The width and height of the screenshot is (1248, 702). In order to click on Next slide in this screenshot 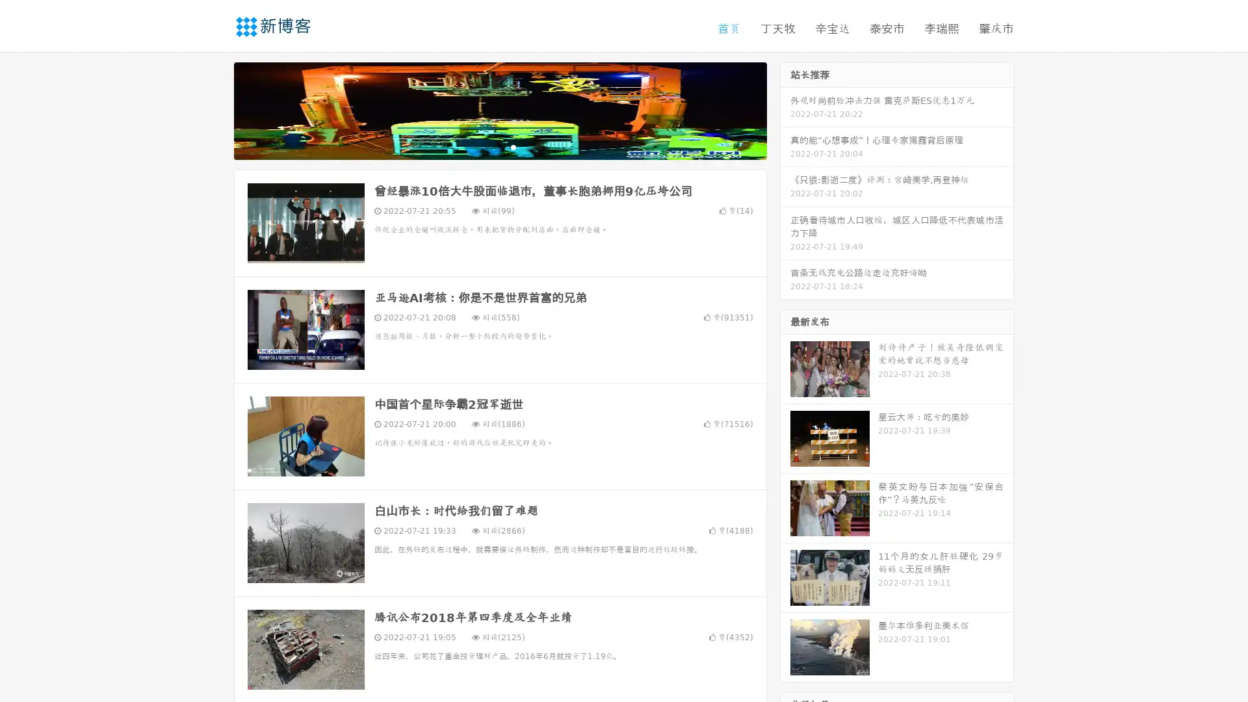, I will do `click(785, 109)`.